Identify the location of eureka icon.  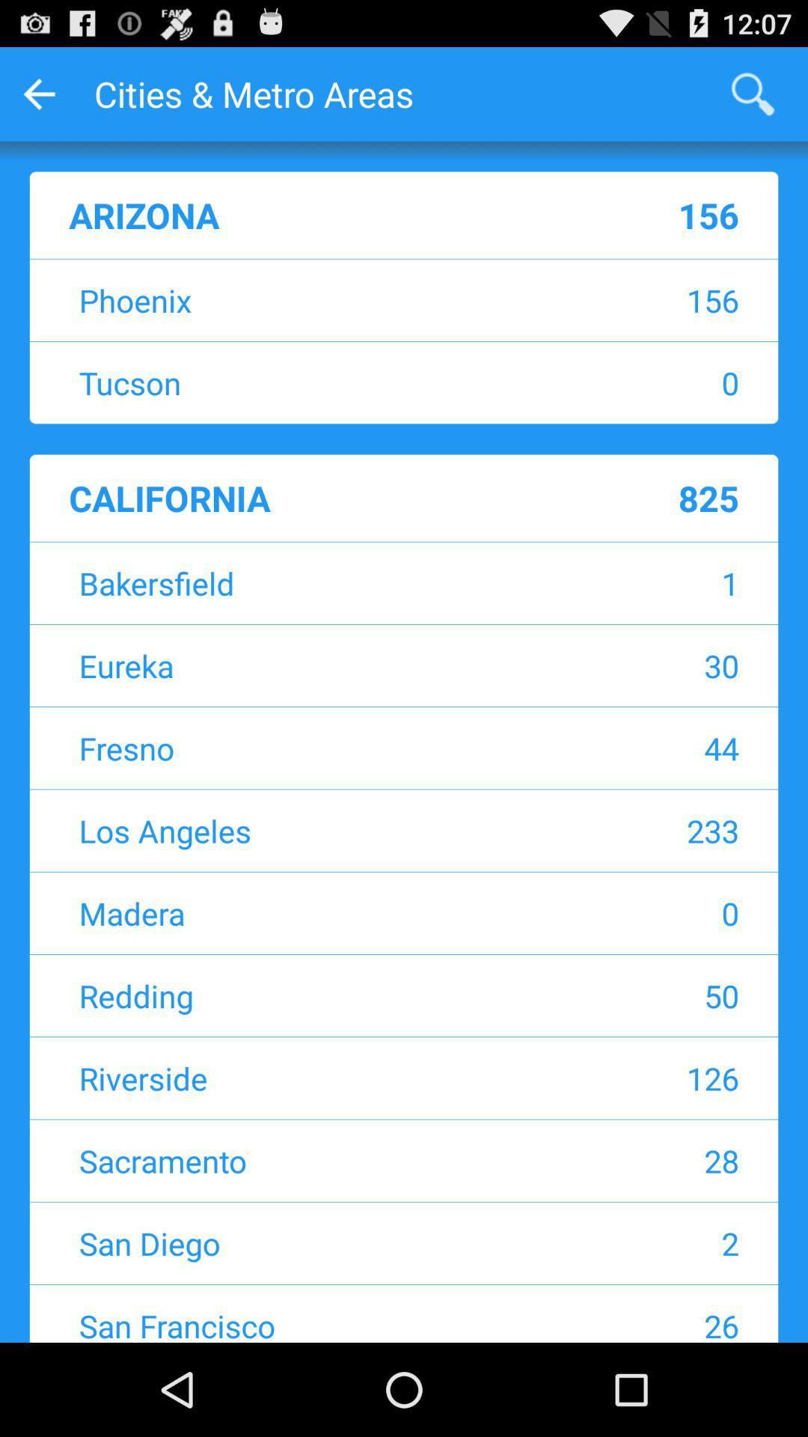
(310, 665).